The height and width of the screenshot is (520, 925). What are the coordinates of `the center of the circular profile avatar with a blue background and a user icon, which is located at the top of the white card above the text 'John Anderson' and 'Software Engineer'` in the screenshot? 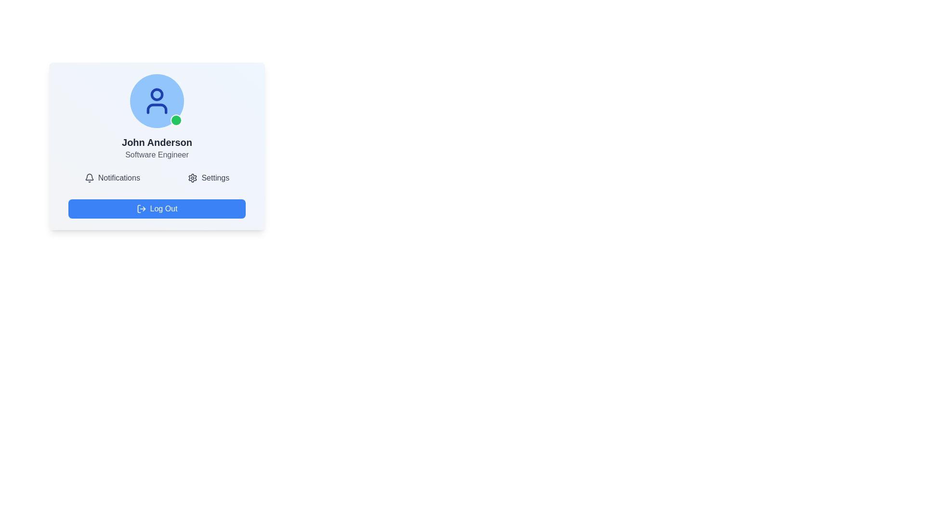 It's located at (157, 101).